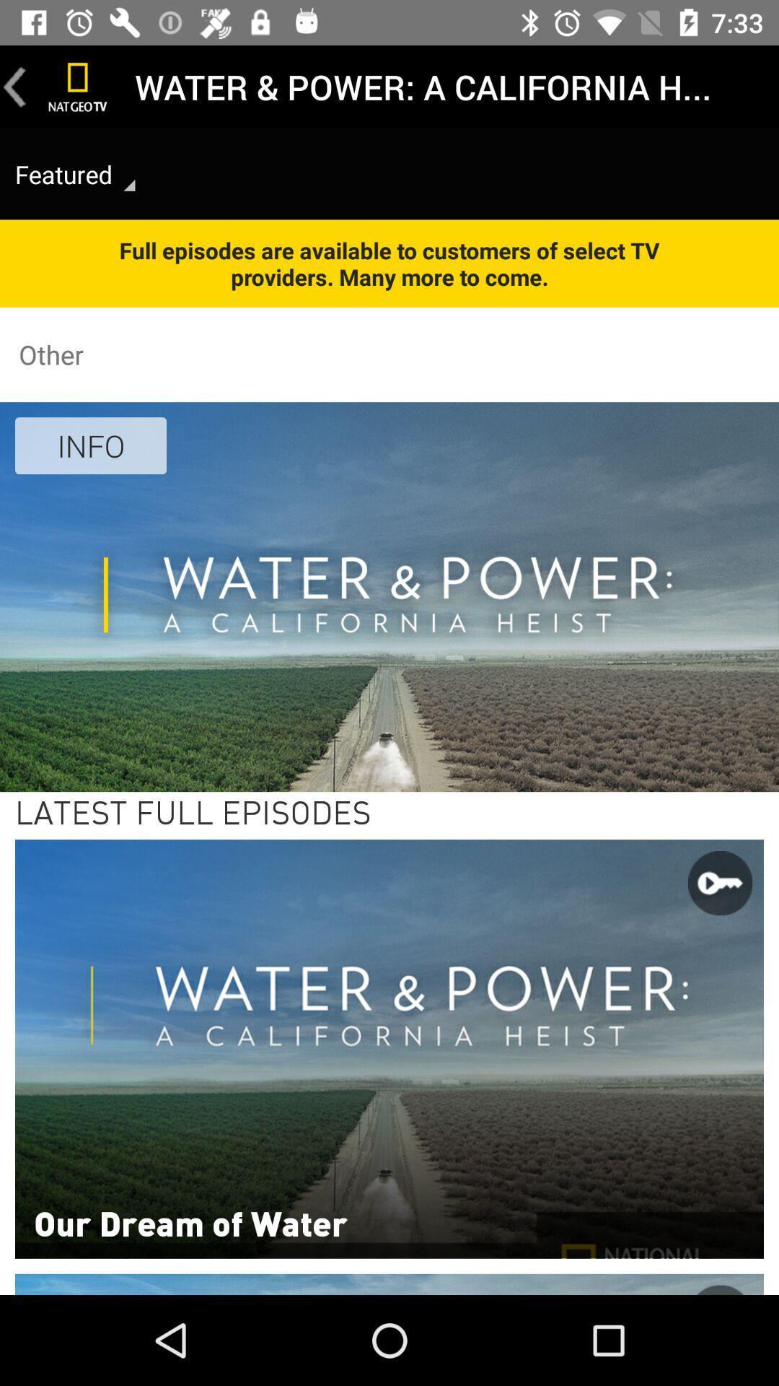 The width and height of the screenshot is (779, 1386). I want to click on the icon above featured, so click(14, 86).